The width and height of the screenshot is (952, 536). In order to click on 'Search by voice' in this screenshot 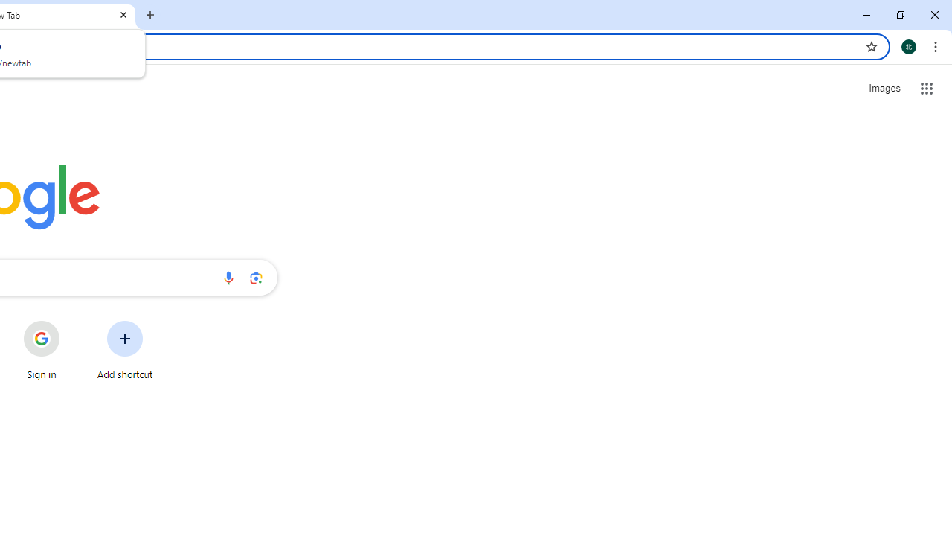, I will do `click(228, 277)`.